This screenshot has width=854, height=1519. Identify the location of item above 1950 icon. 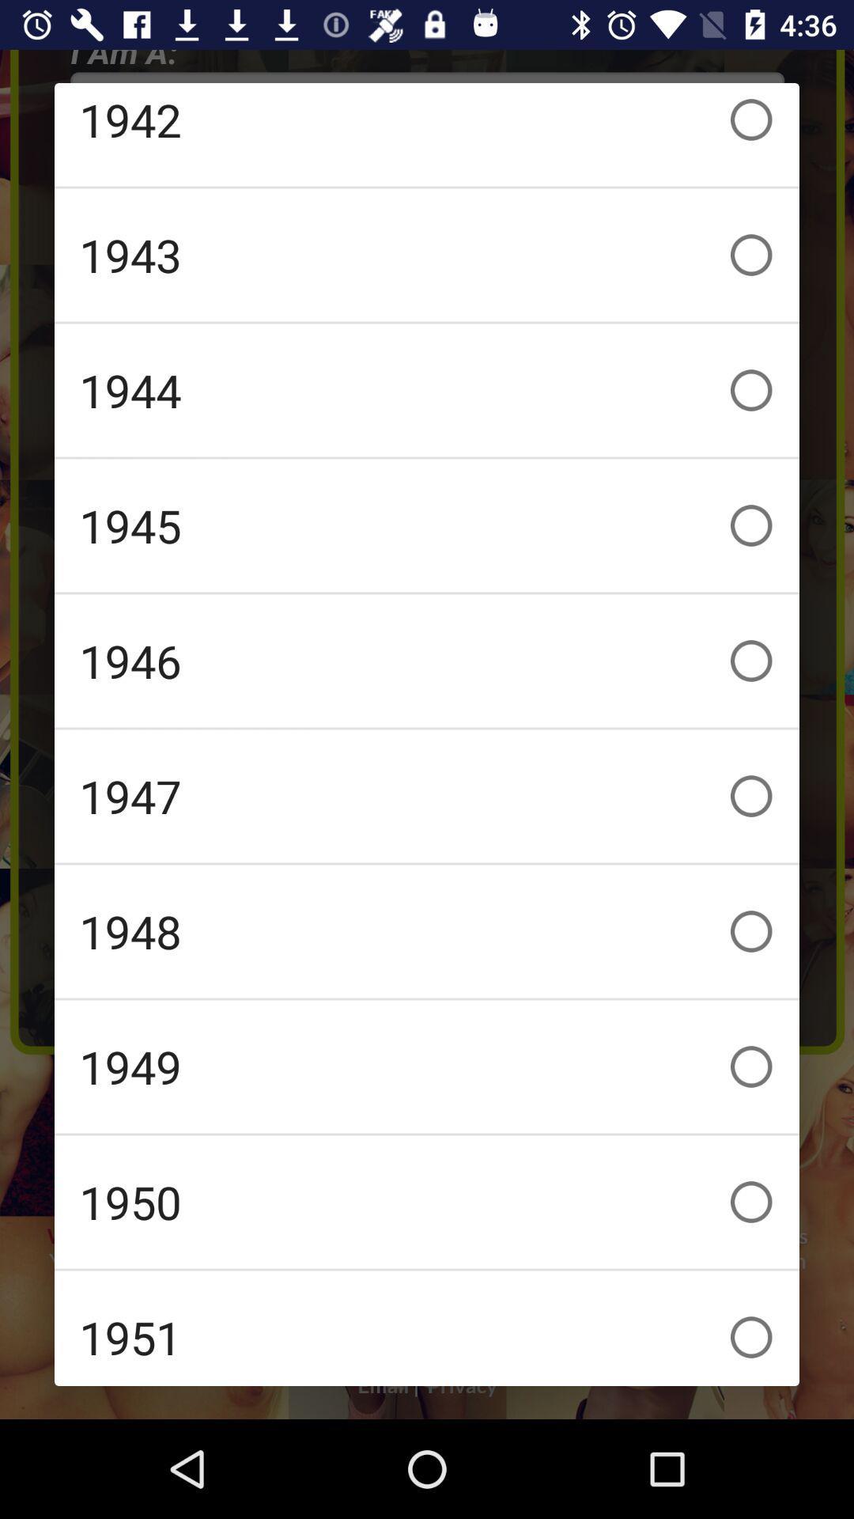
(427, 1066).